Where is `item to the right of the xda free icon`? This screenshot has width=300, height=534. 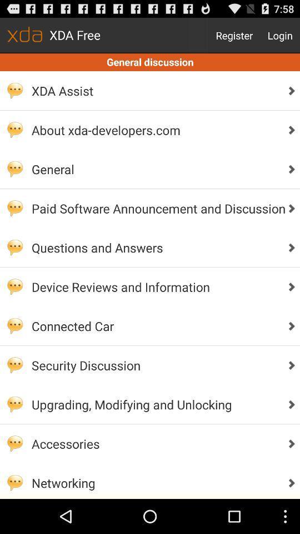
item to the right of the xda free icon is located at coordinates (234, 35).